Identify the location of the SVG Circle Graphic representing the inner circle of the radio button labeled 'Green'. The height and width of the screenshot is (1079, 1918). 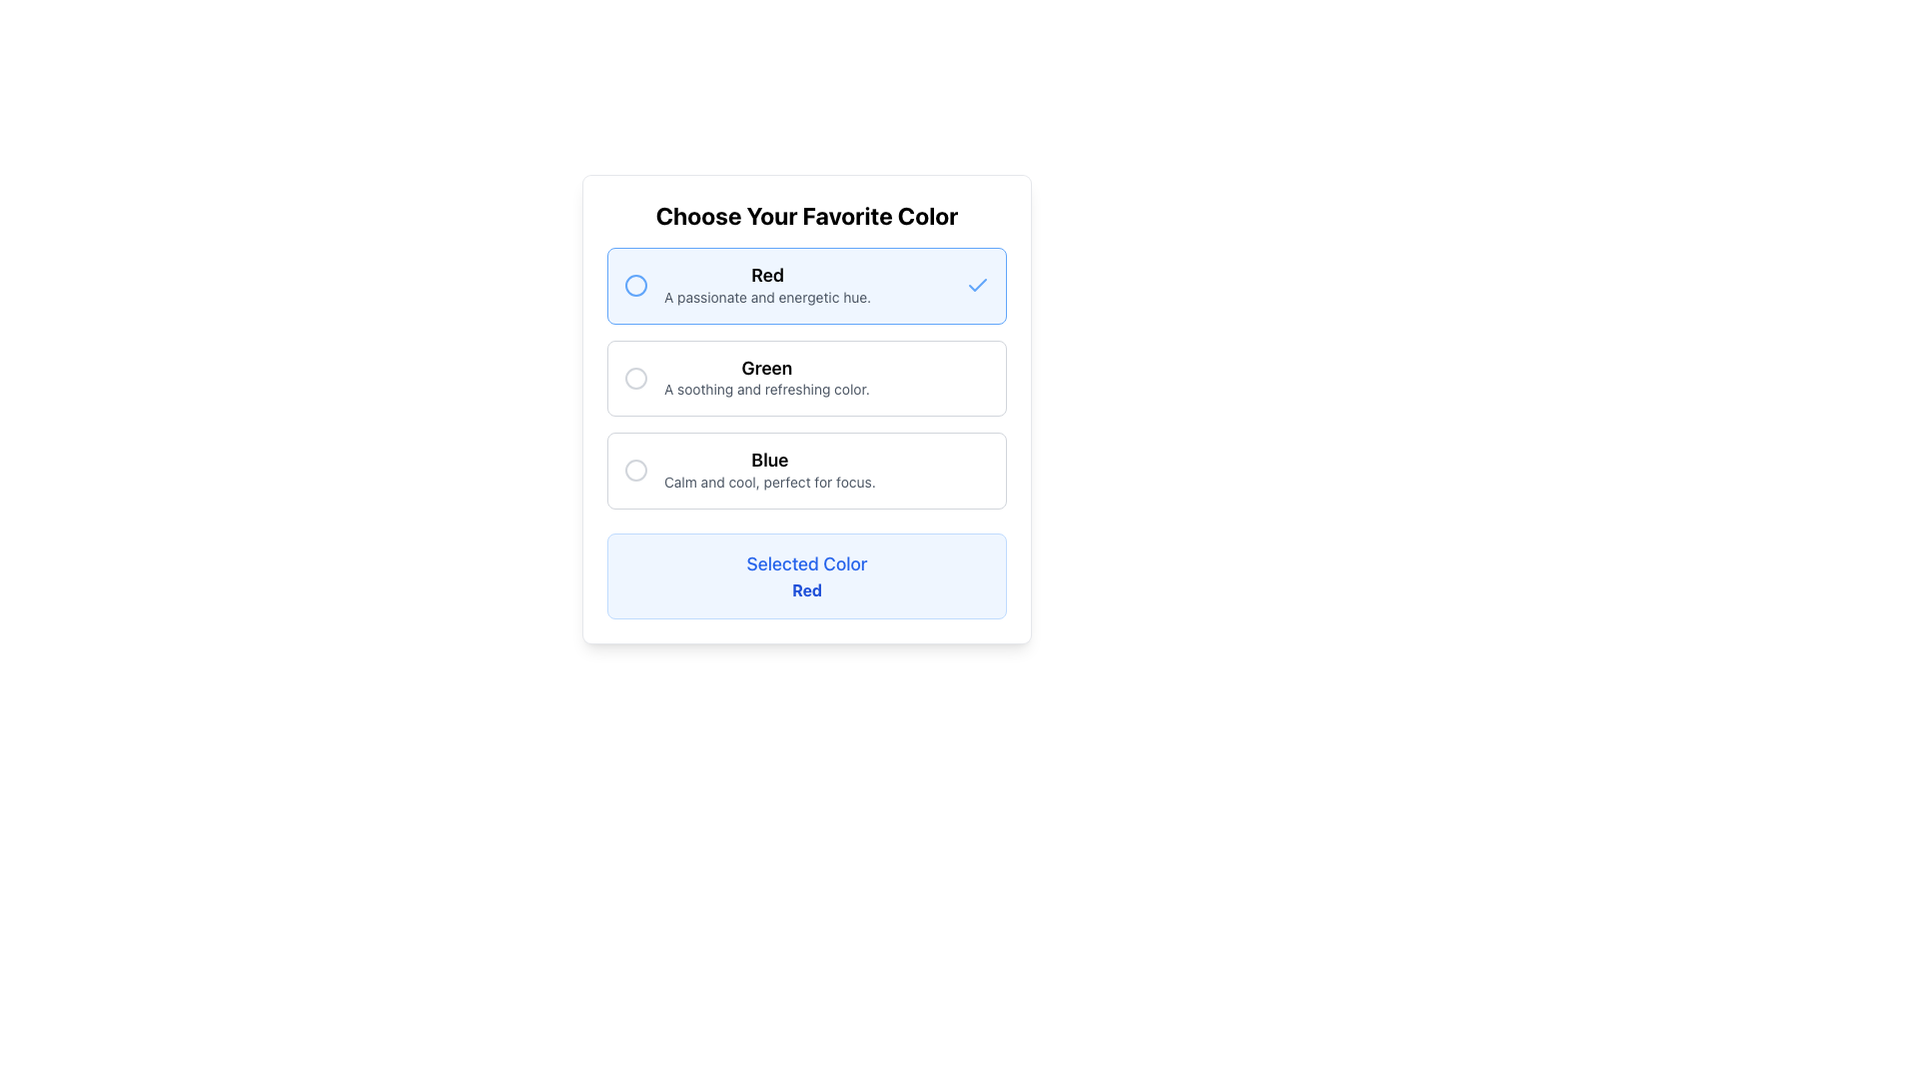
(635, 378).